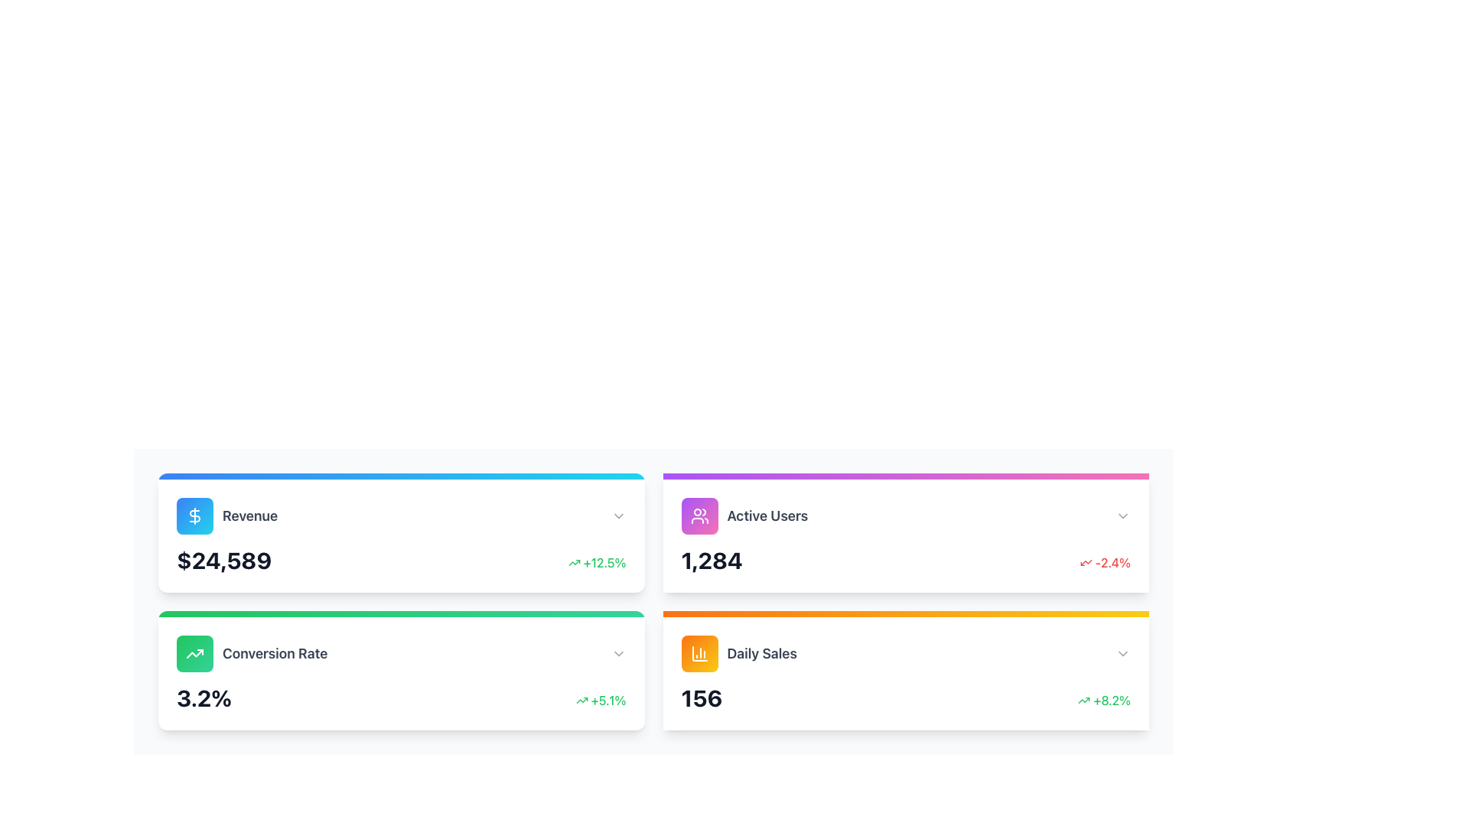 Image resolution: width=1469 pixels, height=826 pixels. I want to click on the decorative icon representing user activity, located left of the 'Active Users' text within the card in the top-right quadrant of the card grid, so click(699, 516).